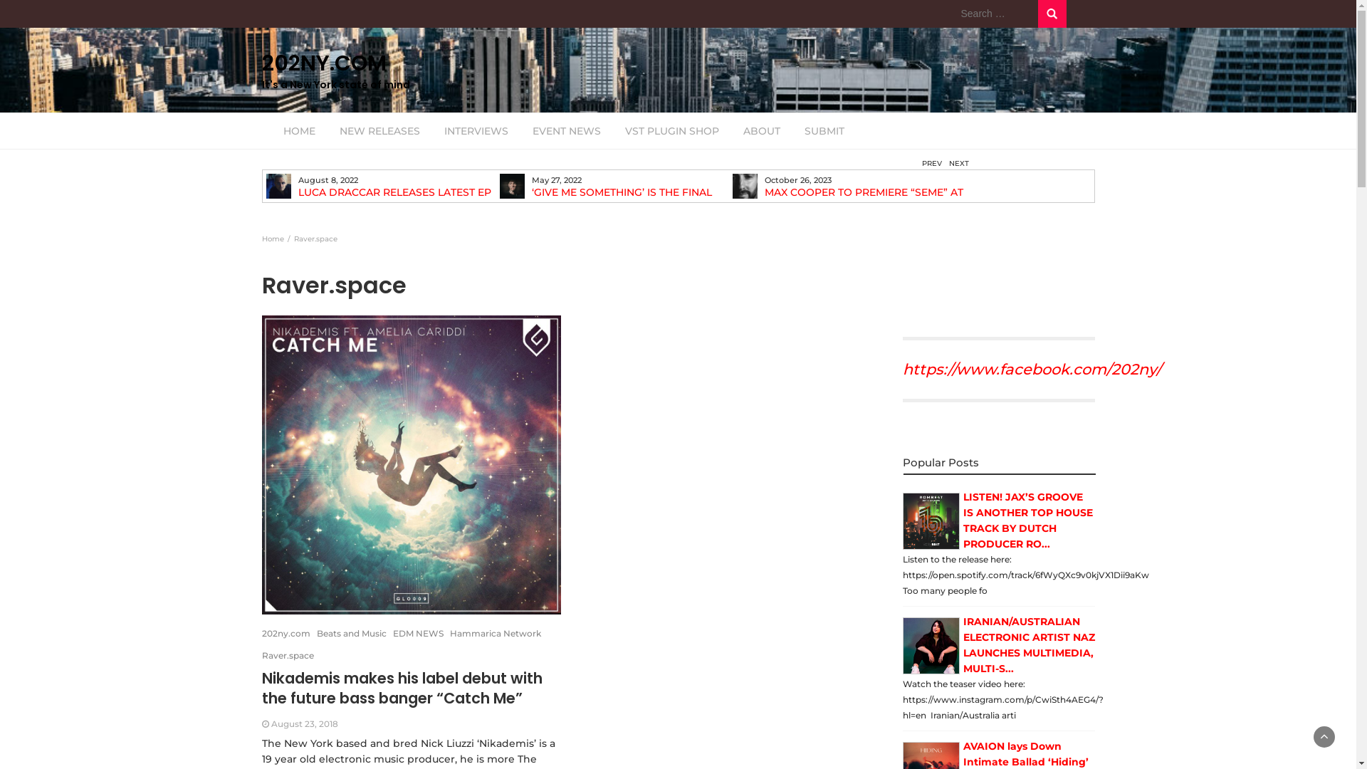 The image size is (1367, 769). I want to click on 'EVENT NEWS', so click(520, 131).